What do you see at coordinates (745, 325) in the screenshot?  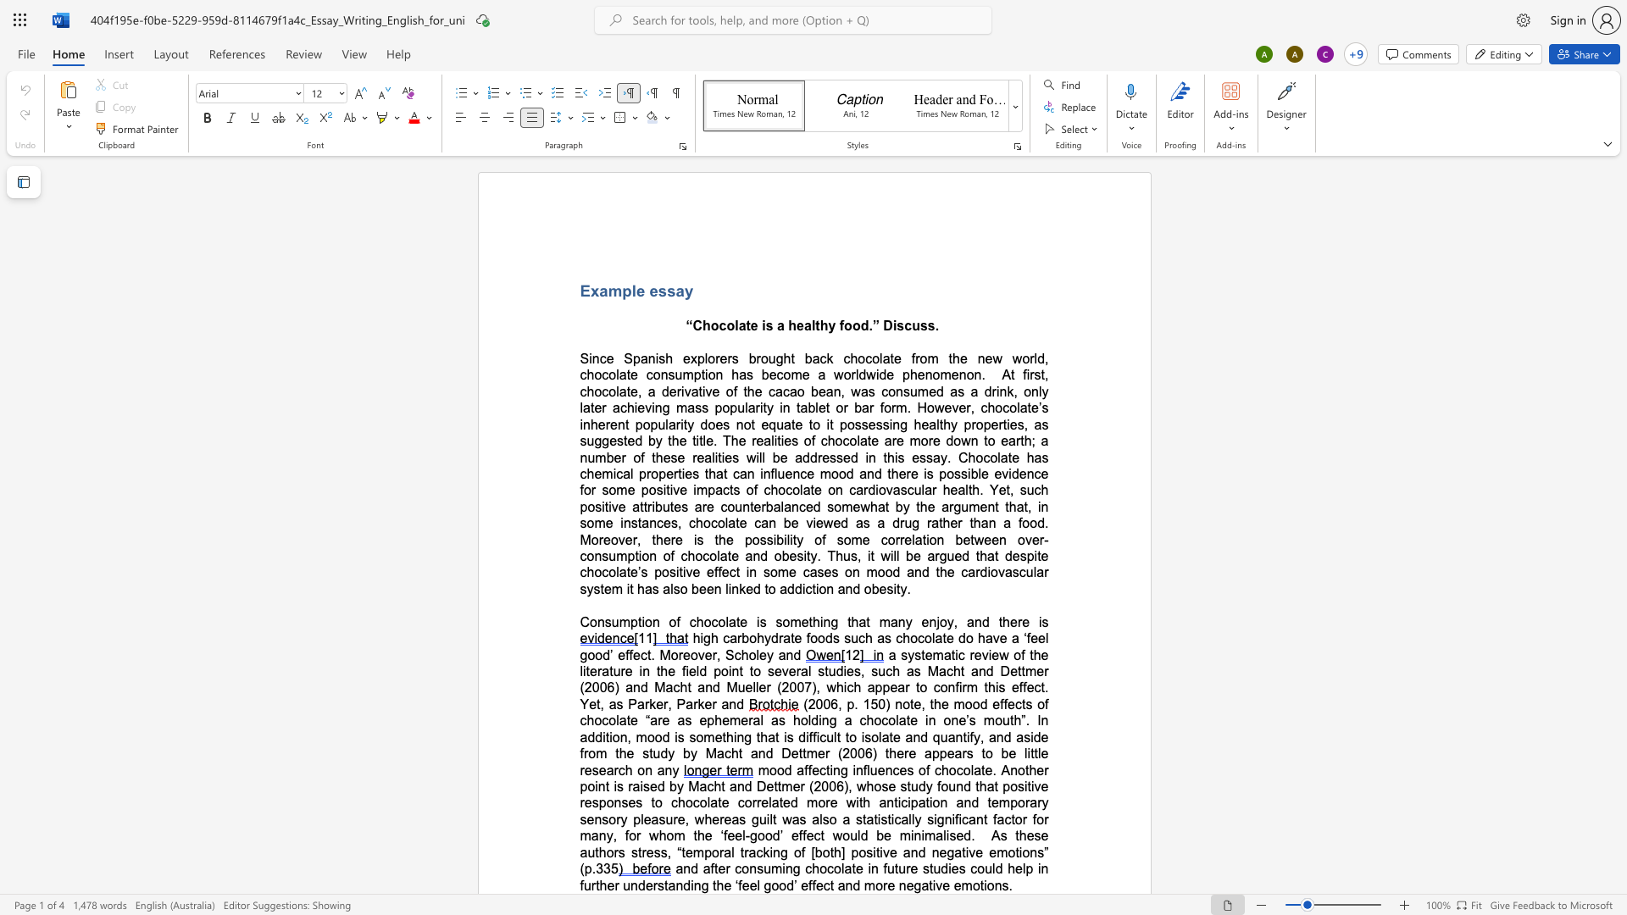 I see `the space between the continuous character "a" and "t" in the text` at bounding box center [745, 325].